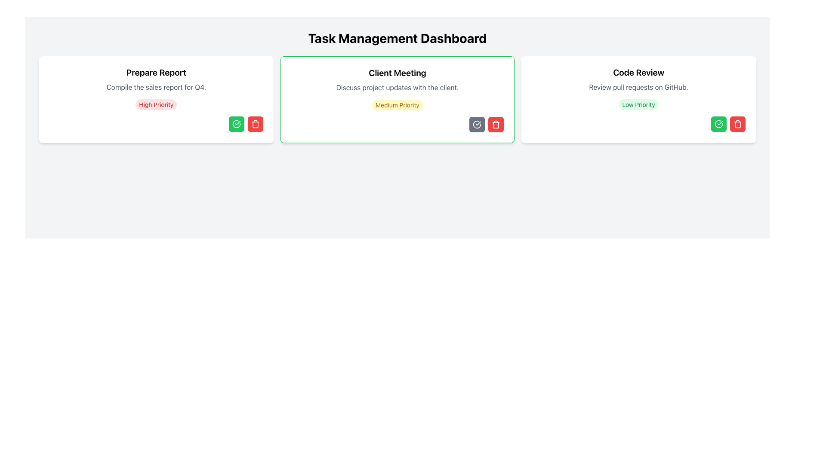  I want to click on the green circular icon with a checkmark located at the bottom-right corner of the 'Code Review' card in the 'Task Management Dashboard', so click(718, 124).